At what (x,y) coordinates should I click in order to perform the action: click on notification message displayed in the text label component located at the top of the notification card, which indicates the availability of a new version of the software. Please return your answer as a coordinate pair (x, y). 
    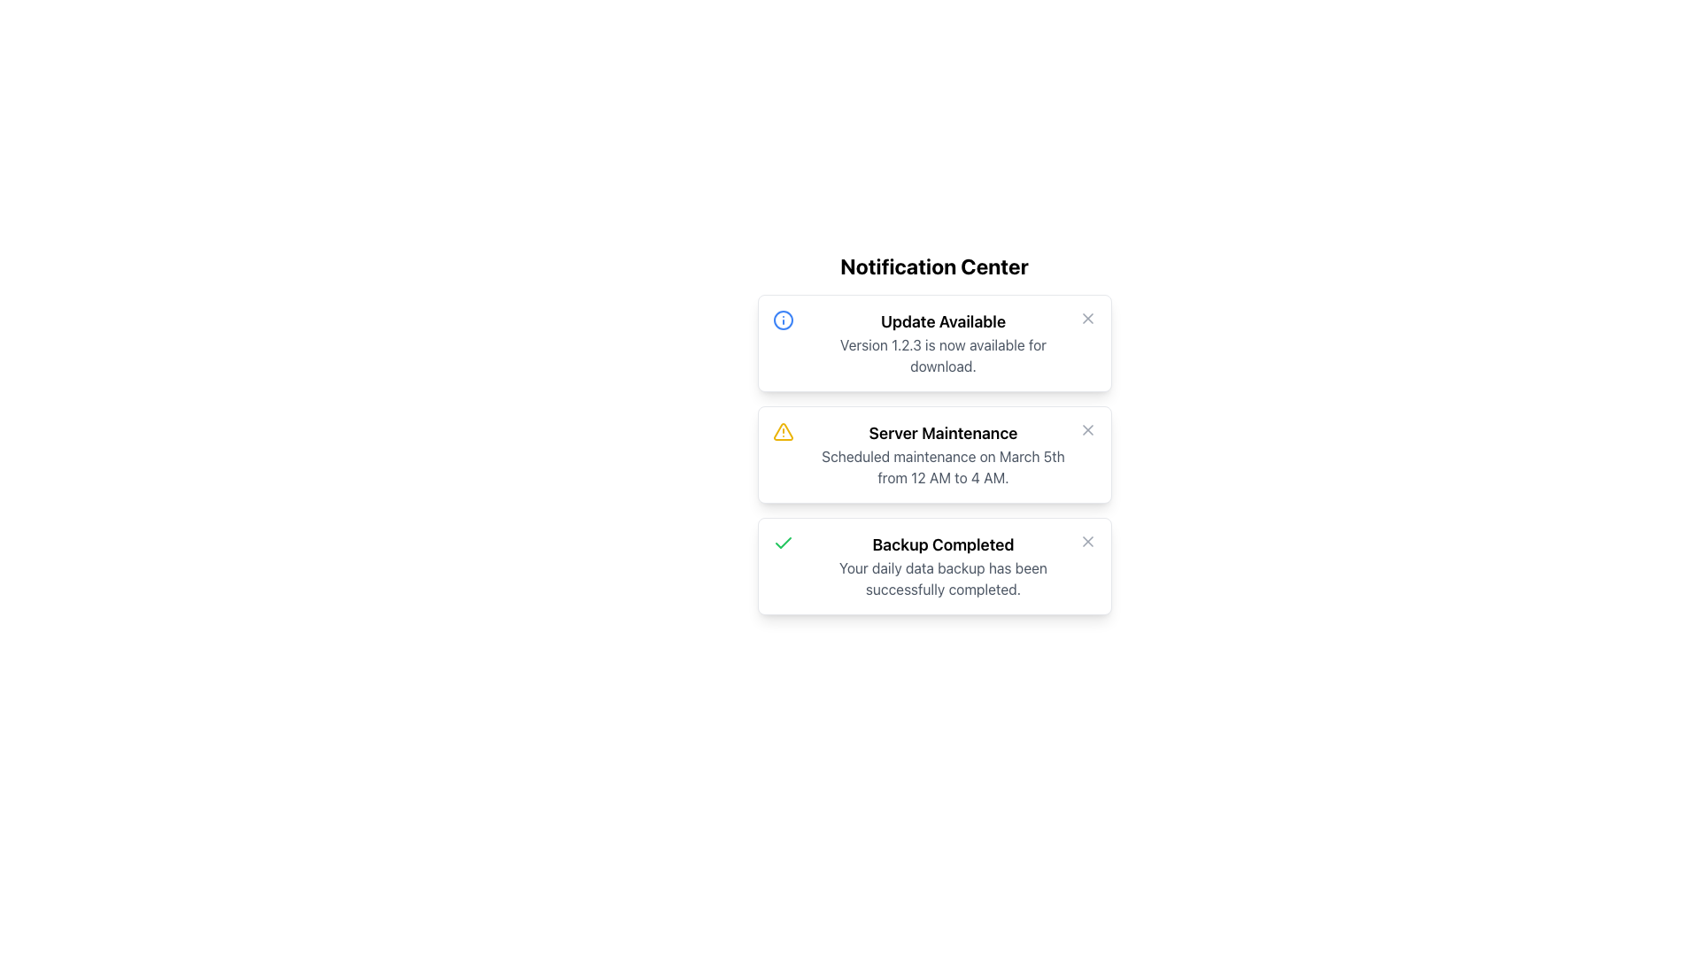
    Looking at the image, I should click on (942, 343).